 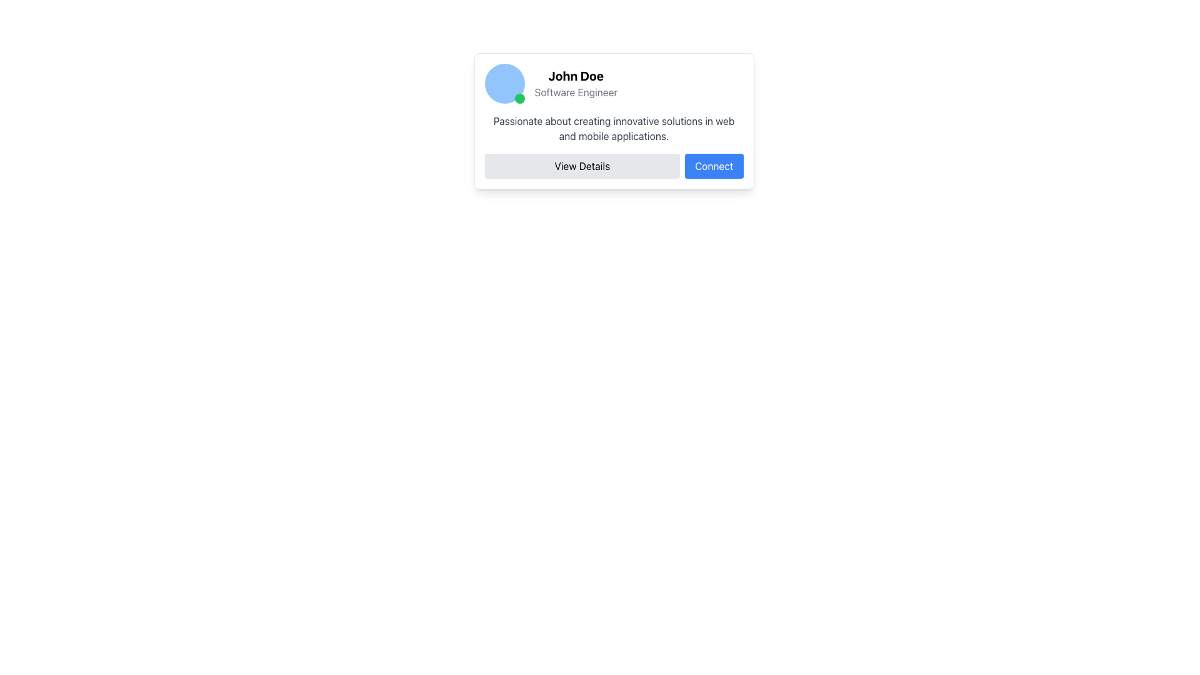 What do you see at coordinates (614, 128) in the screenshot?
I see `the text block that provides a descriptive insight or tagline about the person in the profile card, located beneath 'John Doe' and above the 'View Details' and 'Connect' buttons` at bounding box center [614, 128].